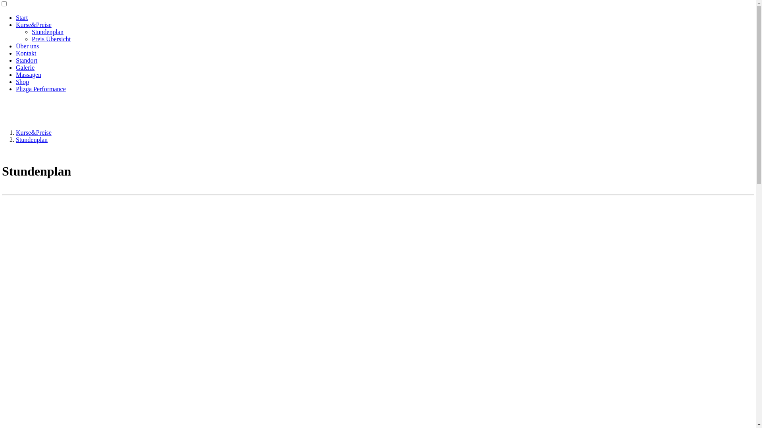  I want to click on 'Plizga Performance', so click(40, 89).